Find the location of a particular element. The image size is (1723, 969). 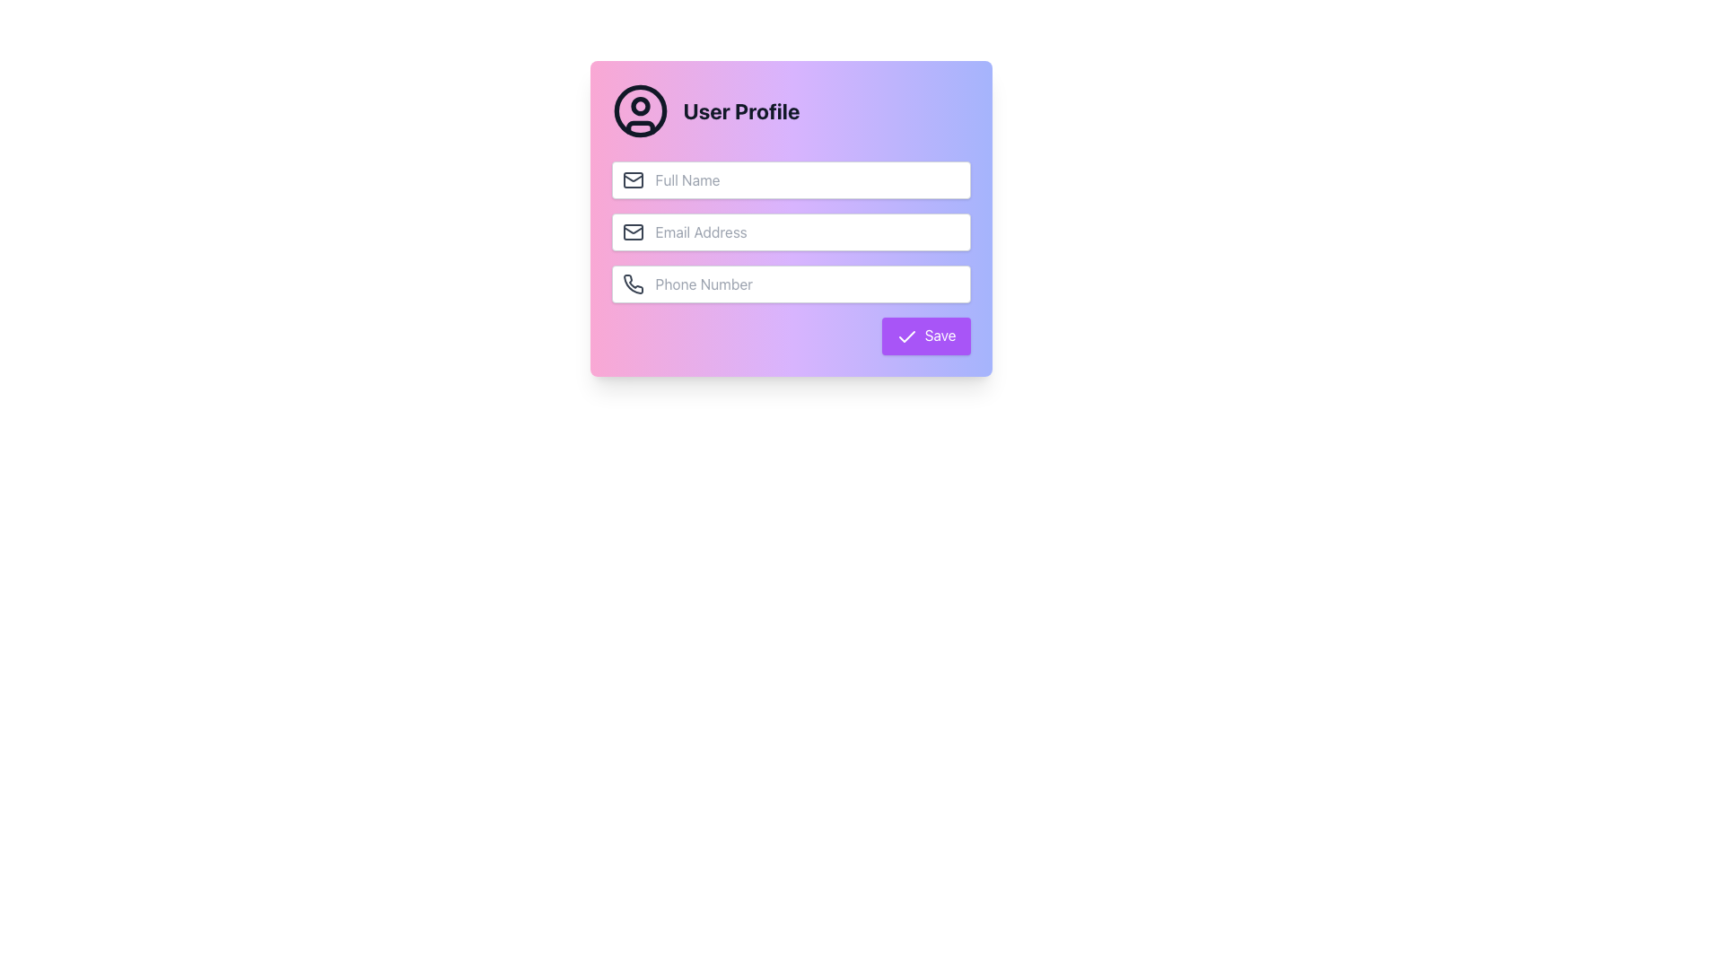

the SVG circle graphical component representing the head of the user avatar in the user profile icon located at the top-left corner of the card is located at coordinates (640, 106).